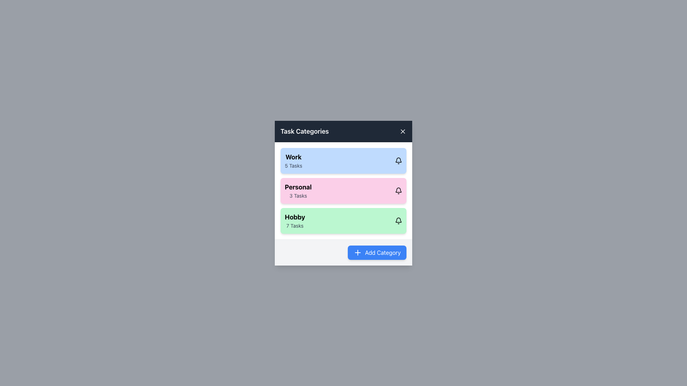 The height and width of the screenshot is (386, 687). Describe the element at coordinates (298, 190) in the screenshot. I see `the 'Personal' text label pair component, which displays 'Personal' in bold and '3 Tasks' in smaller gray text, located in the pink background segment of the task categories list` at that location.